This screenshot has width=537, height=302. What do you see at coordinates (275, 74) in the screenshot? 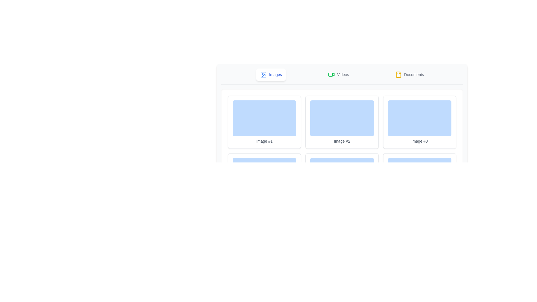
I see `the 'Images' text label, which is styled in blue color and is the first item in the horizontal navigation menu` at bounding box center [275, 74].